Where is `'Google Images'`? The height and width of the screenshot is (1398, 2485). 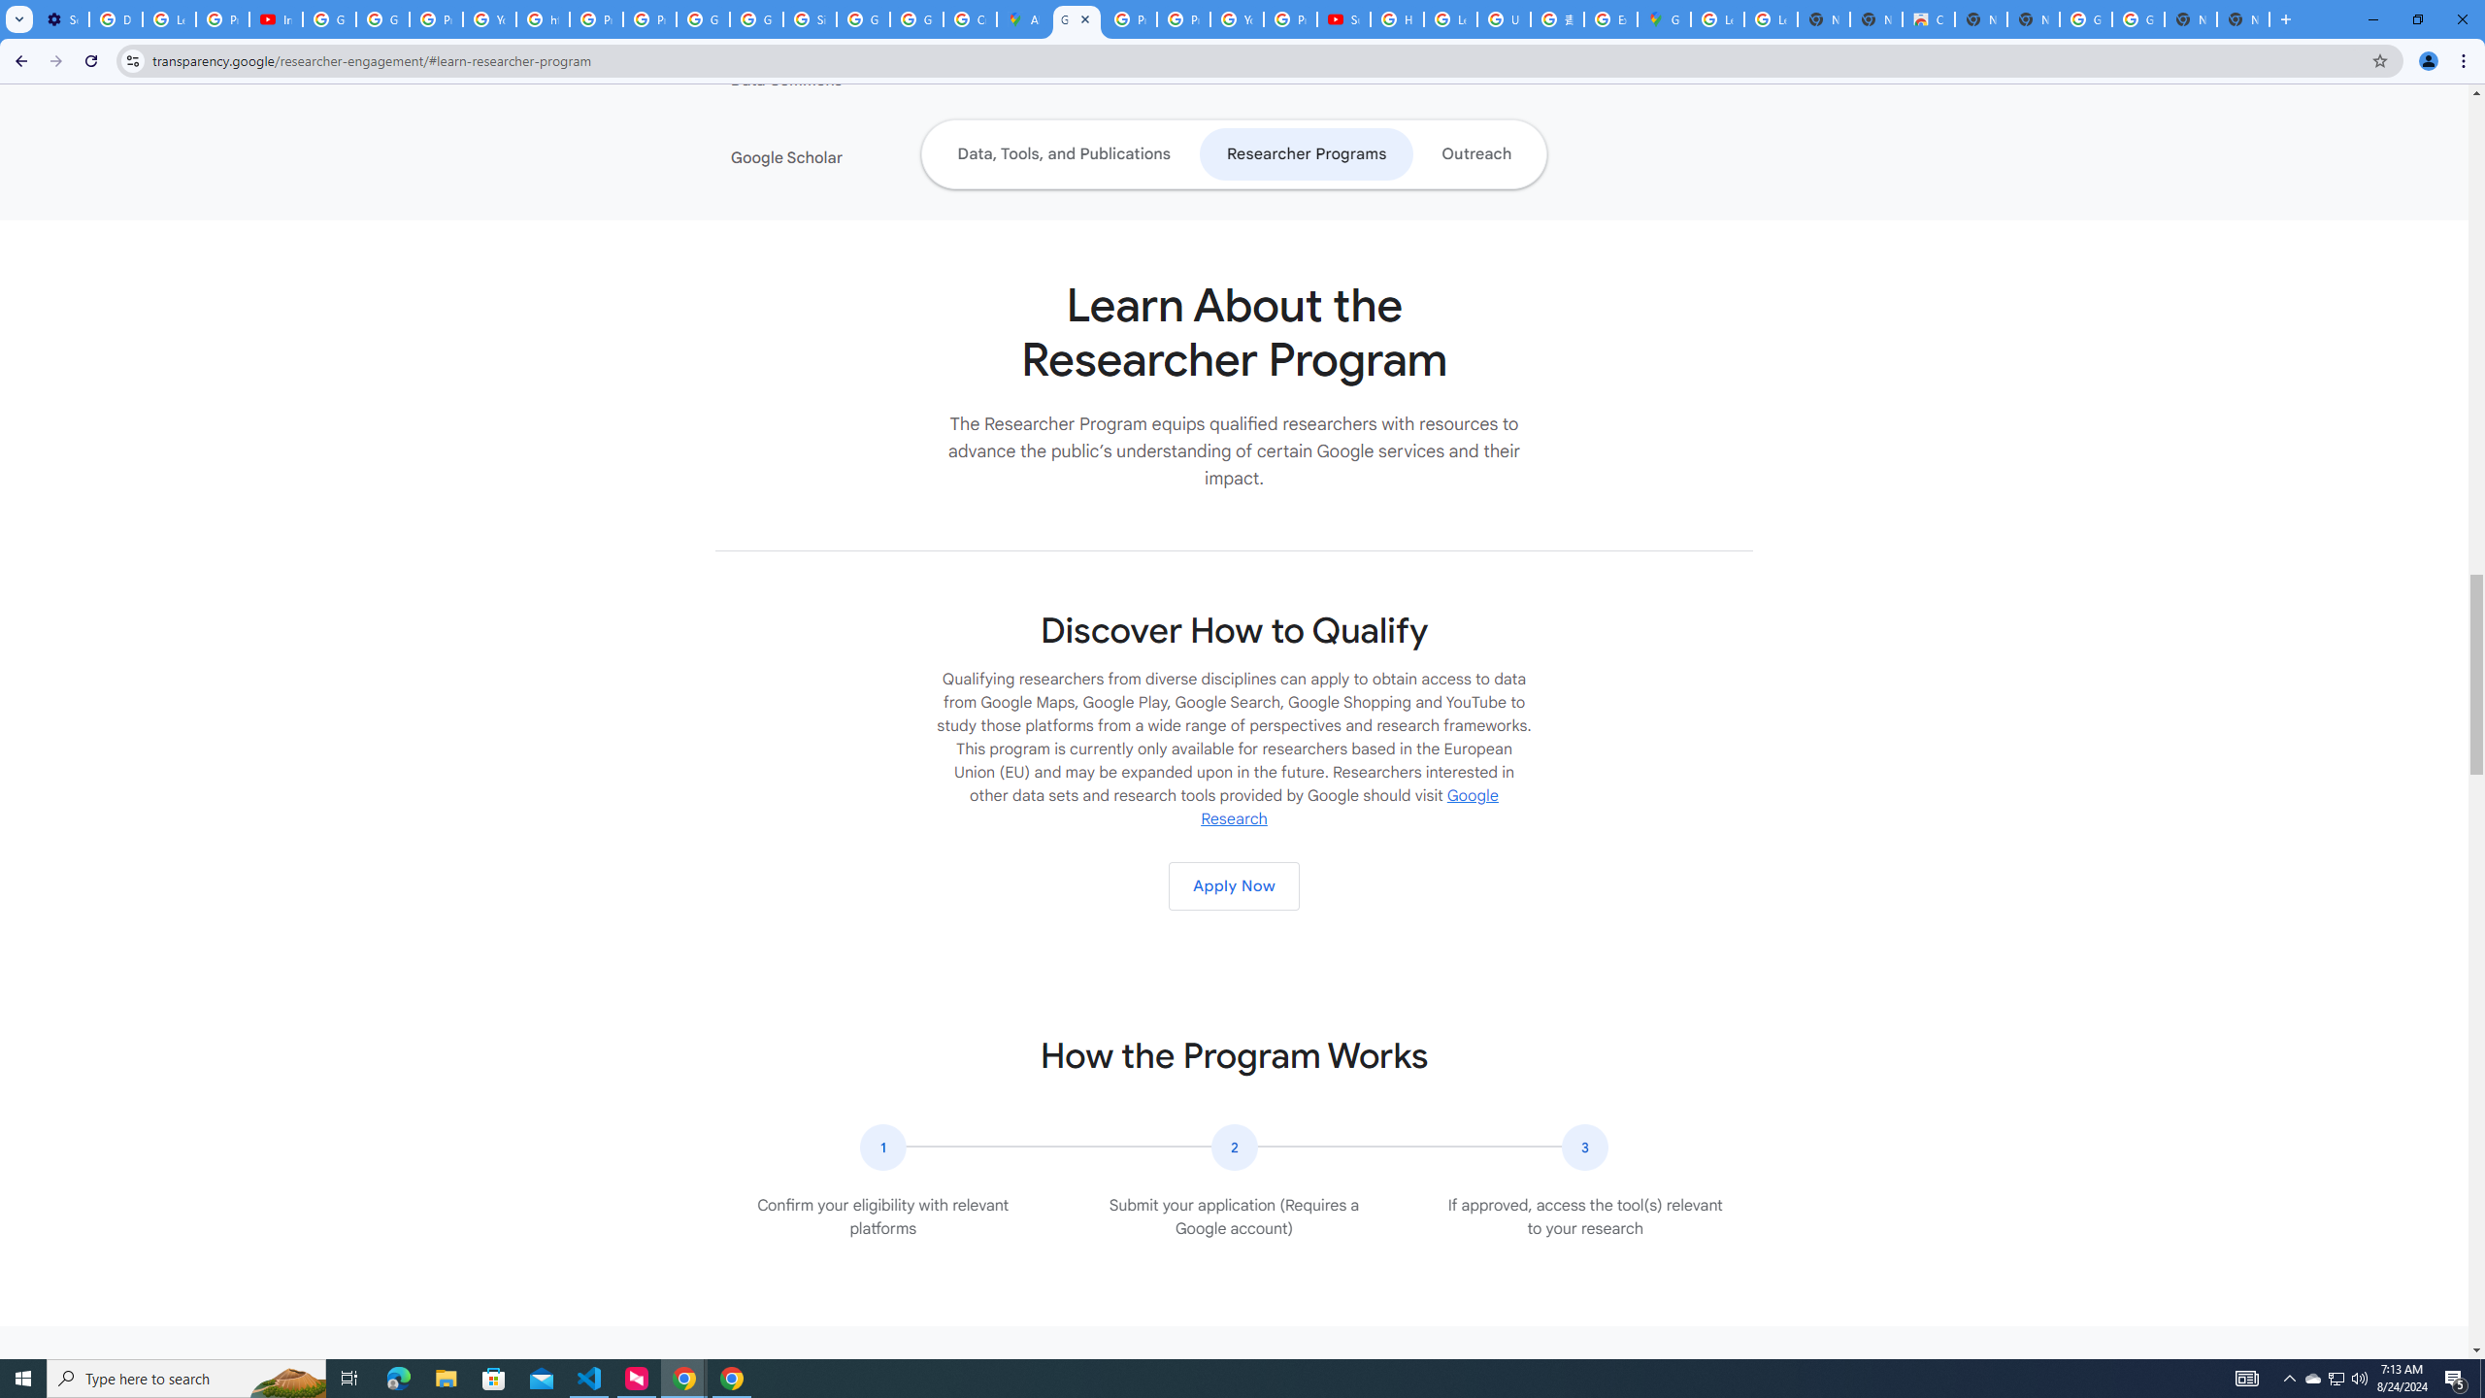 'Google Images' is located at coordinates (2137, 18).